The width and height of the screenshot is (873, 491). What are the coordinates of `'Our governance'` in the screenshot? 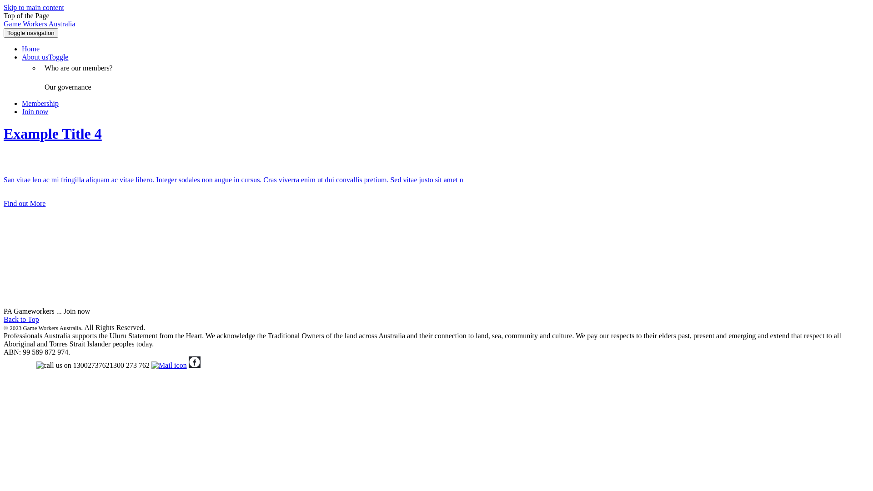 It's located at (67, 87).